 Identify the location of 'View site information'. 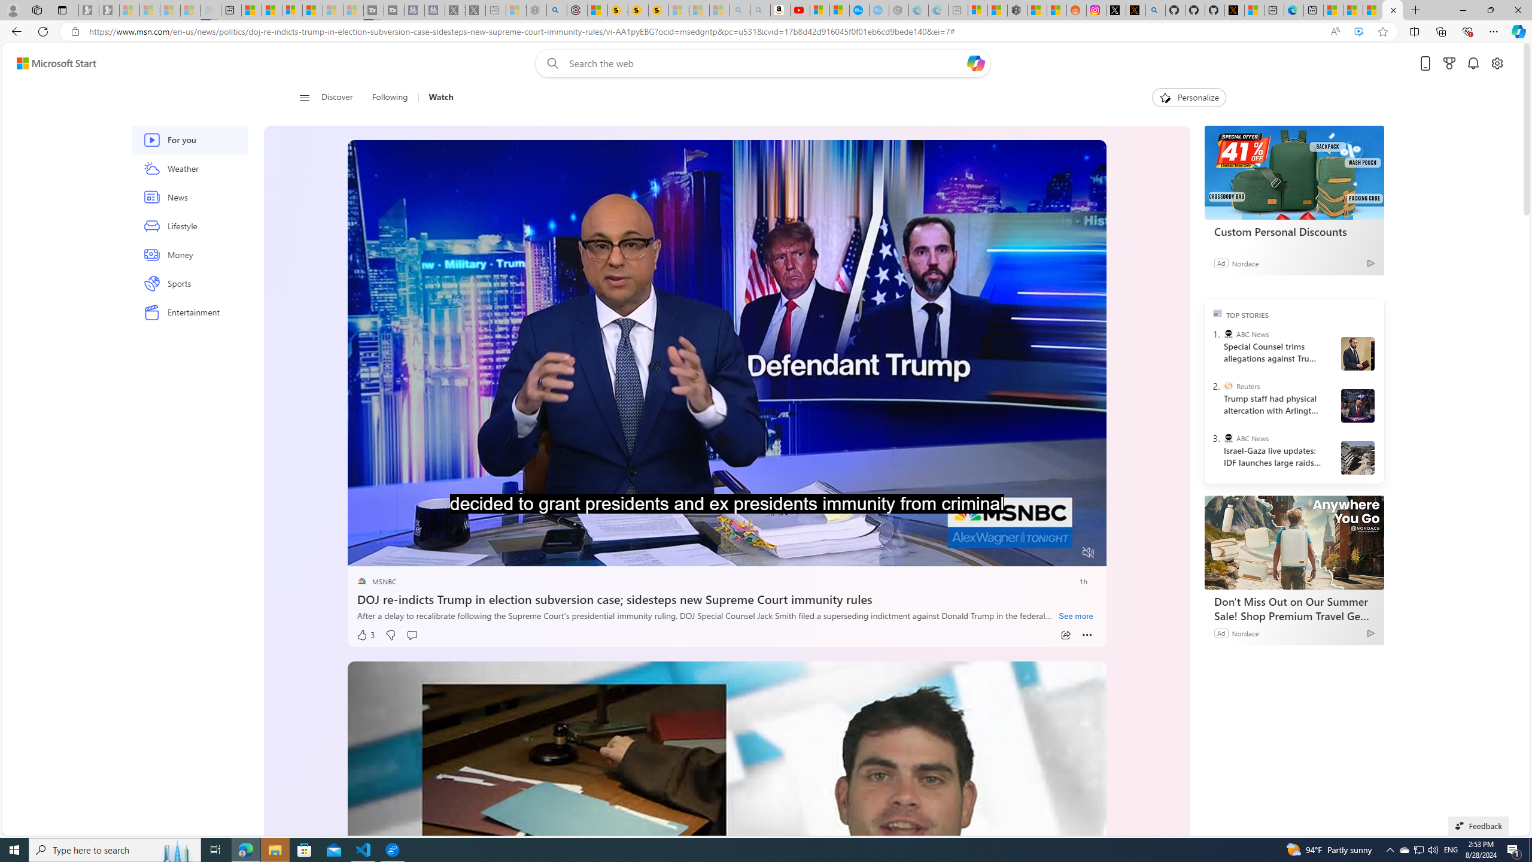
(75, 32).